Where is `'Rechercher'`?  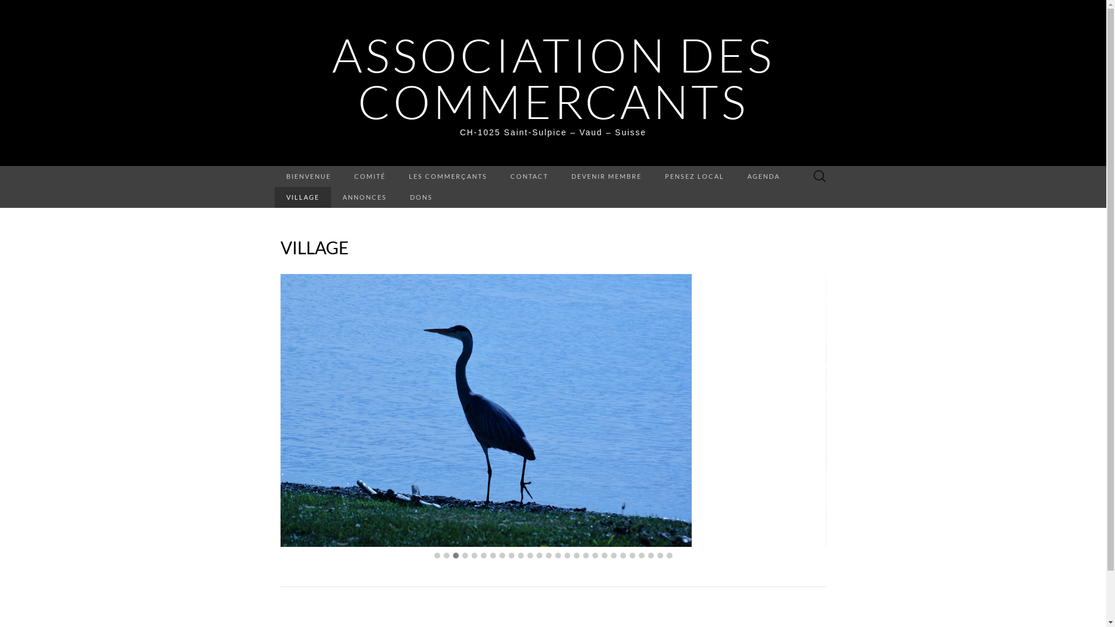
'Rechercher' is located at coordinates (12, 9).